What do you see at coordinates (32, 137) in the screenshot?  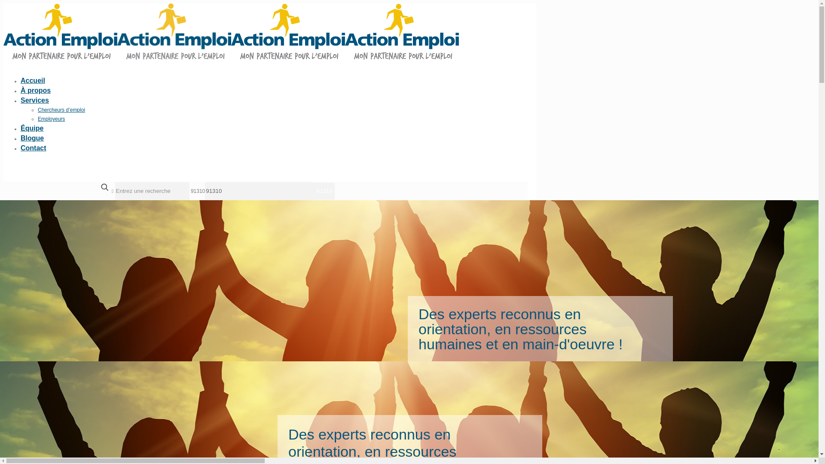 I see `'Blogue'` at bounding box center [32, 137].